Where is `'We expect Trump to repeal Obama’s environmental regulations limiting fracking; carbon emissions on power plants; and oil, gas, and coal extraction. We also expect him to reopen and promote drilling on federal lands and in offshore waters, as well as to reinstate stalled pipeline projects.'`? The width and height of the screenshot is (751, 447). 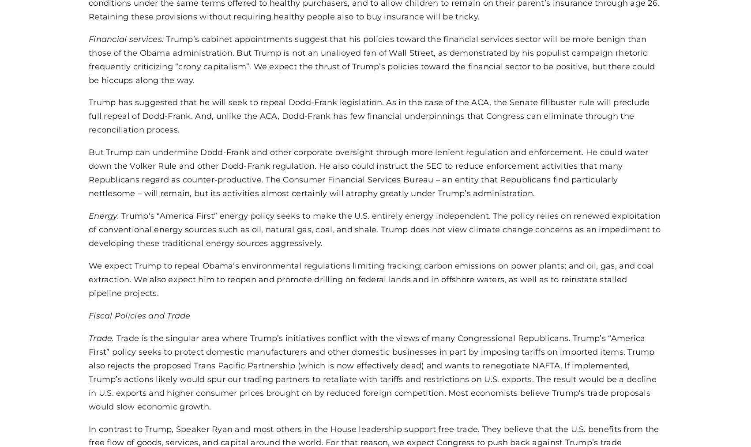
'We expect Trump to repeal Obama’s environmental regulations limiting fracking; carbon emissions on power plants; and oil, gas, and coal extraction. We also expect him to reopen and promote drilling on federal lands and in offshore waters, as well as to reinstate stalled pipeline projects.' is located at coordinates (371, 278).